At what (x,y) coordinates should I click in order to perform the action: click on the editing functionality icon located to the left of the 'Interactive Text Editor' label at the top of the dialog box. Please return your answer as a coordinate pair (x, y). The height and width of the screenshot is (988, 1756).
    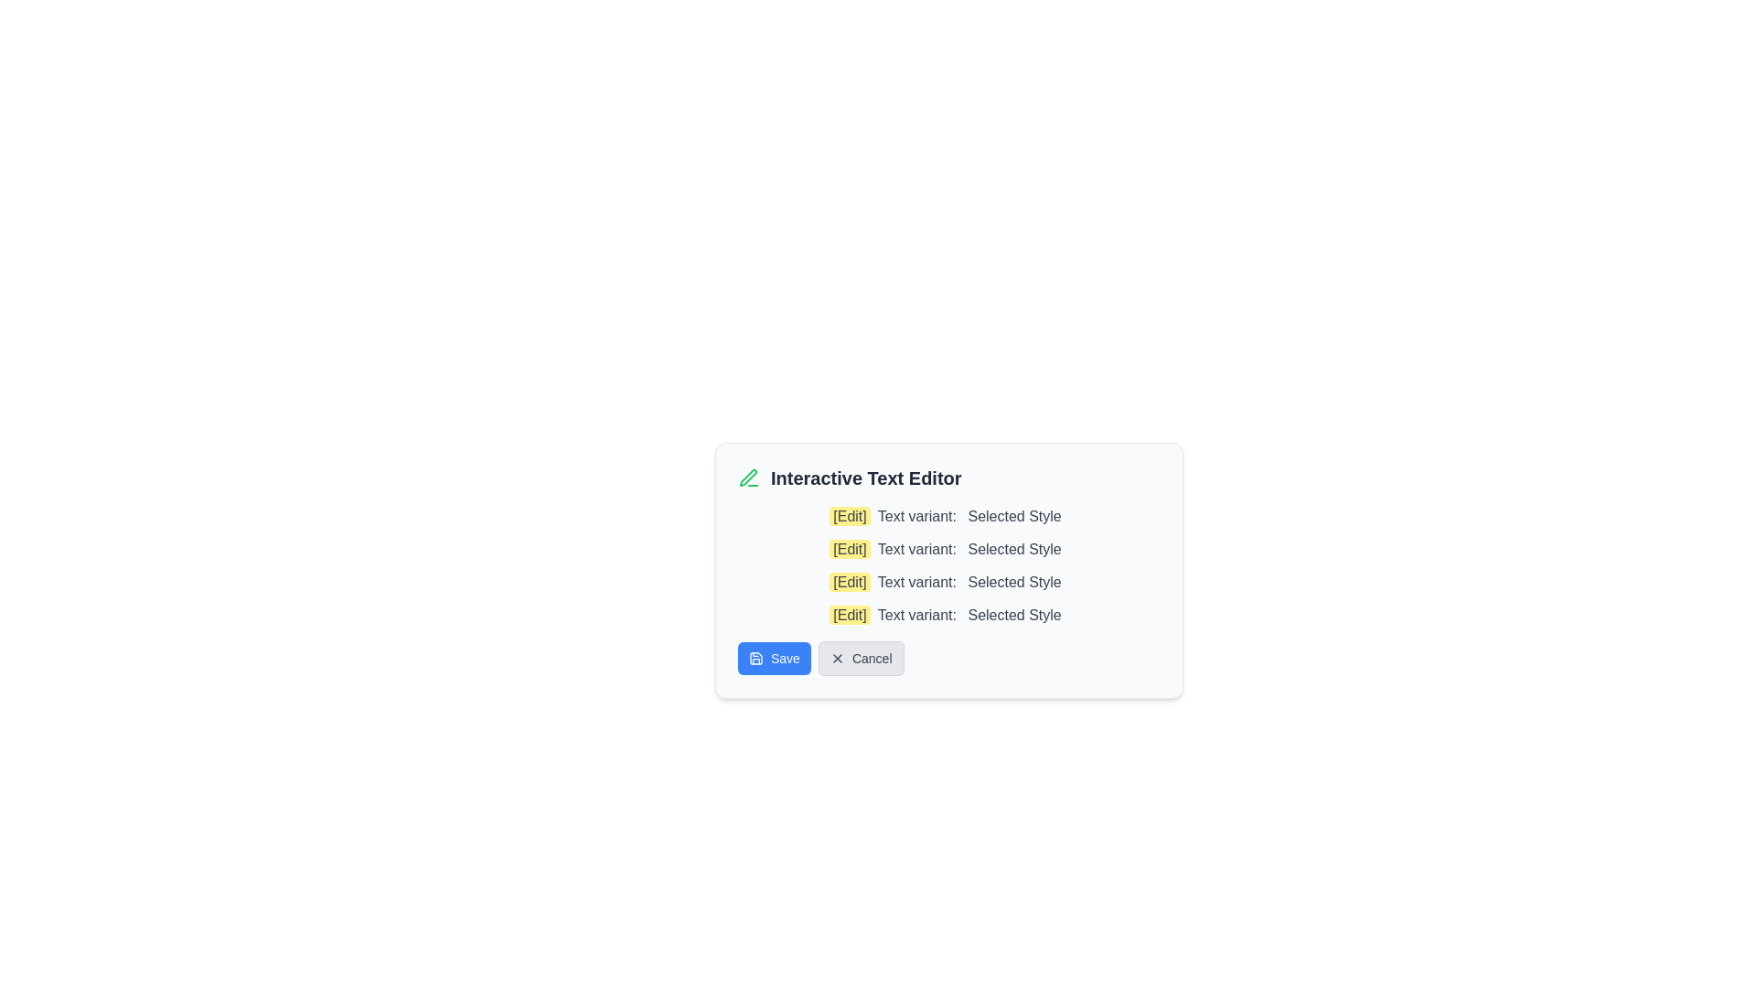
    Looking at the image, I should click on (749, 478).